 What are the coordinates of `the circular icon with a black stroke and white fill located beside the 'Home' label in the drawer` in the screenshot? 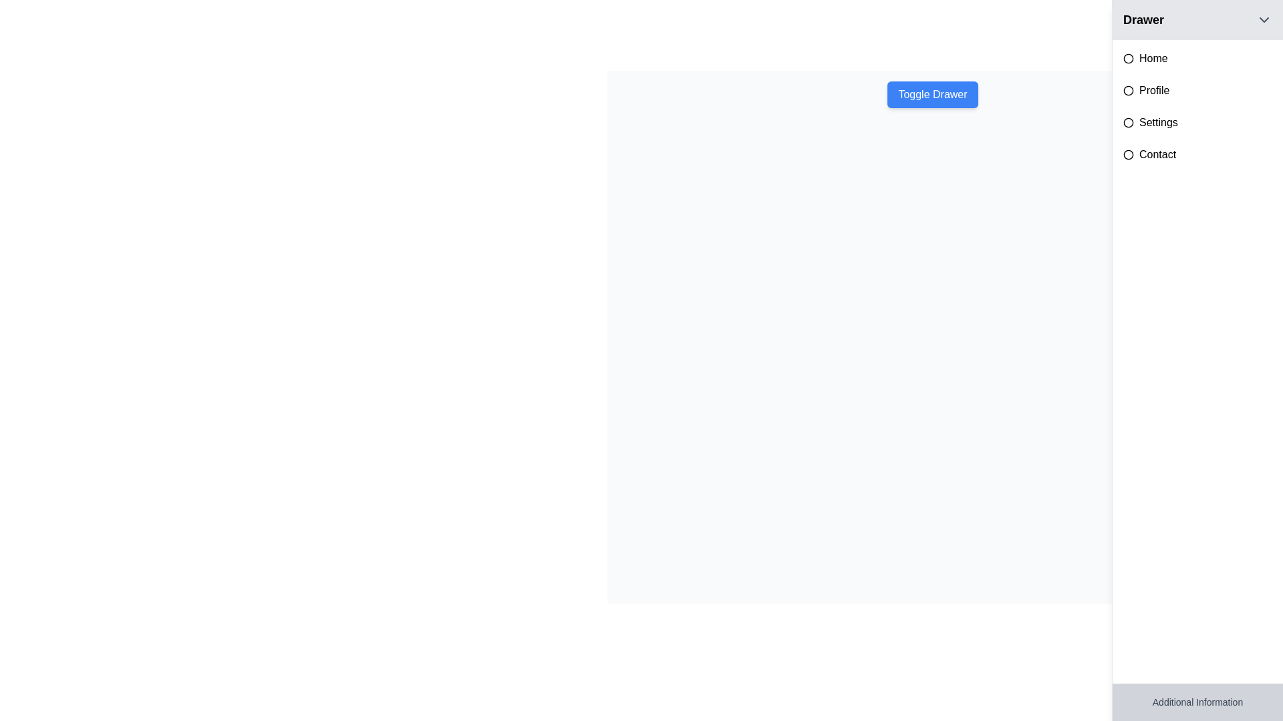 It's located at (1128, 58).